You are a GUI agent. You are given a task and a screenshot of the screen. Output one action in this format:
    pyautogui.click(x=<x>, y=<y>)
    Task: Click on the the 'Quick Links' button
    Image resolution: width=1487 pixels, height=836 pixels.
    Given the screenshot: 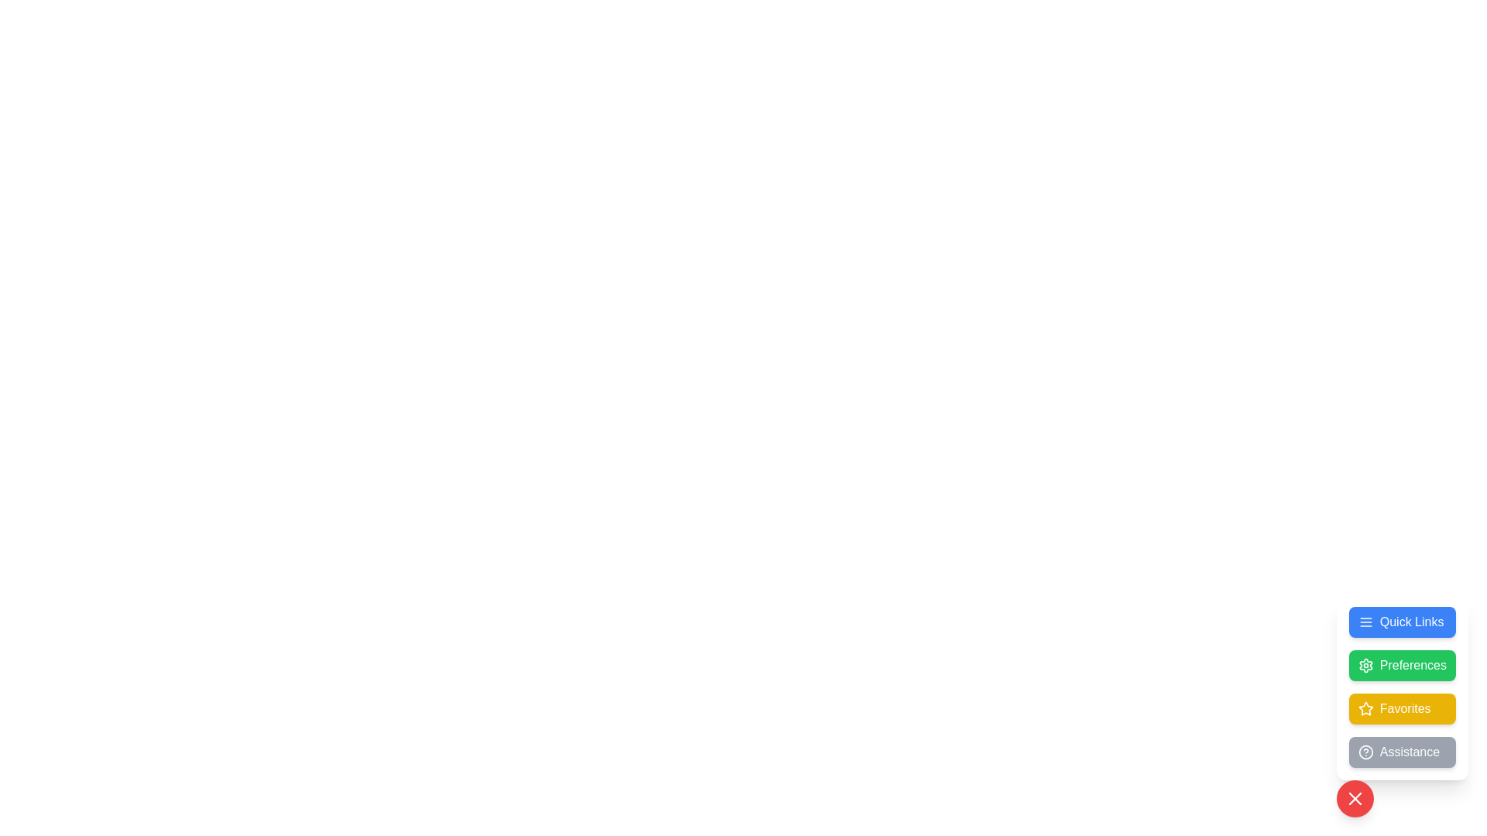 What is the action you would take?
    pyautogui.click(x=1402, y=621)
    